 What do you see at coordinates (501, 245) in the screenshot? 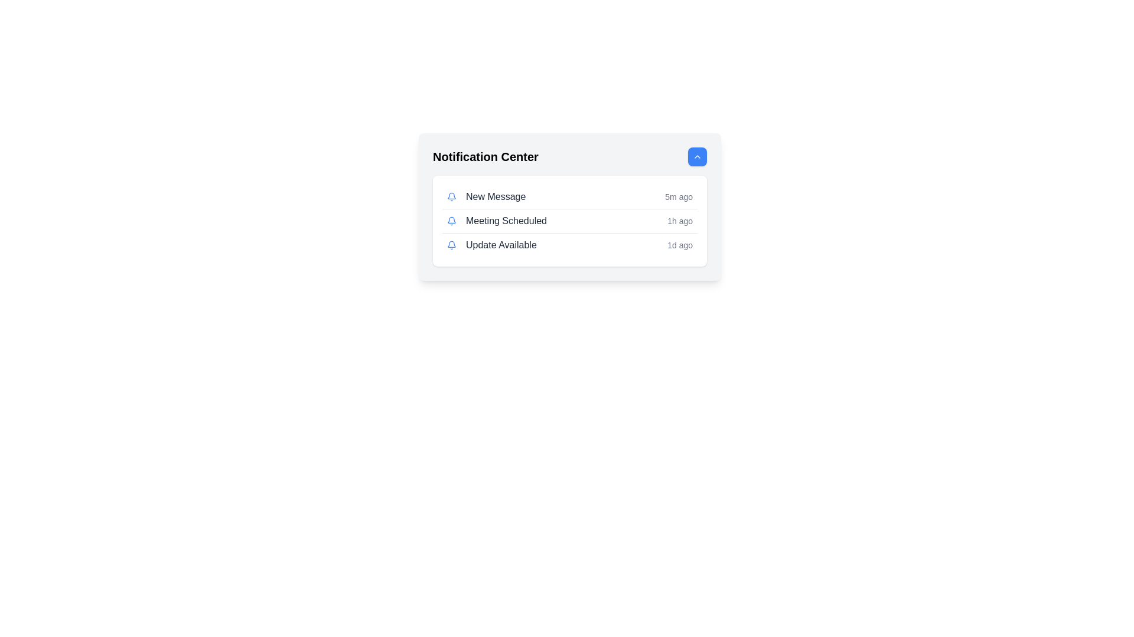
I see `text label displaying 'Update Available' which is the third row in the notification list within the 'Notification Center' panel` at bounding box center [501, 245].